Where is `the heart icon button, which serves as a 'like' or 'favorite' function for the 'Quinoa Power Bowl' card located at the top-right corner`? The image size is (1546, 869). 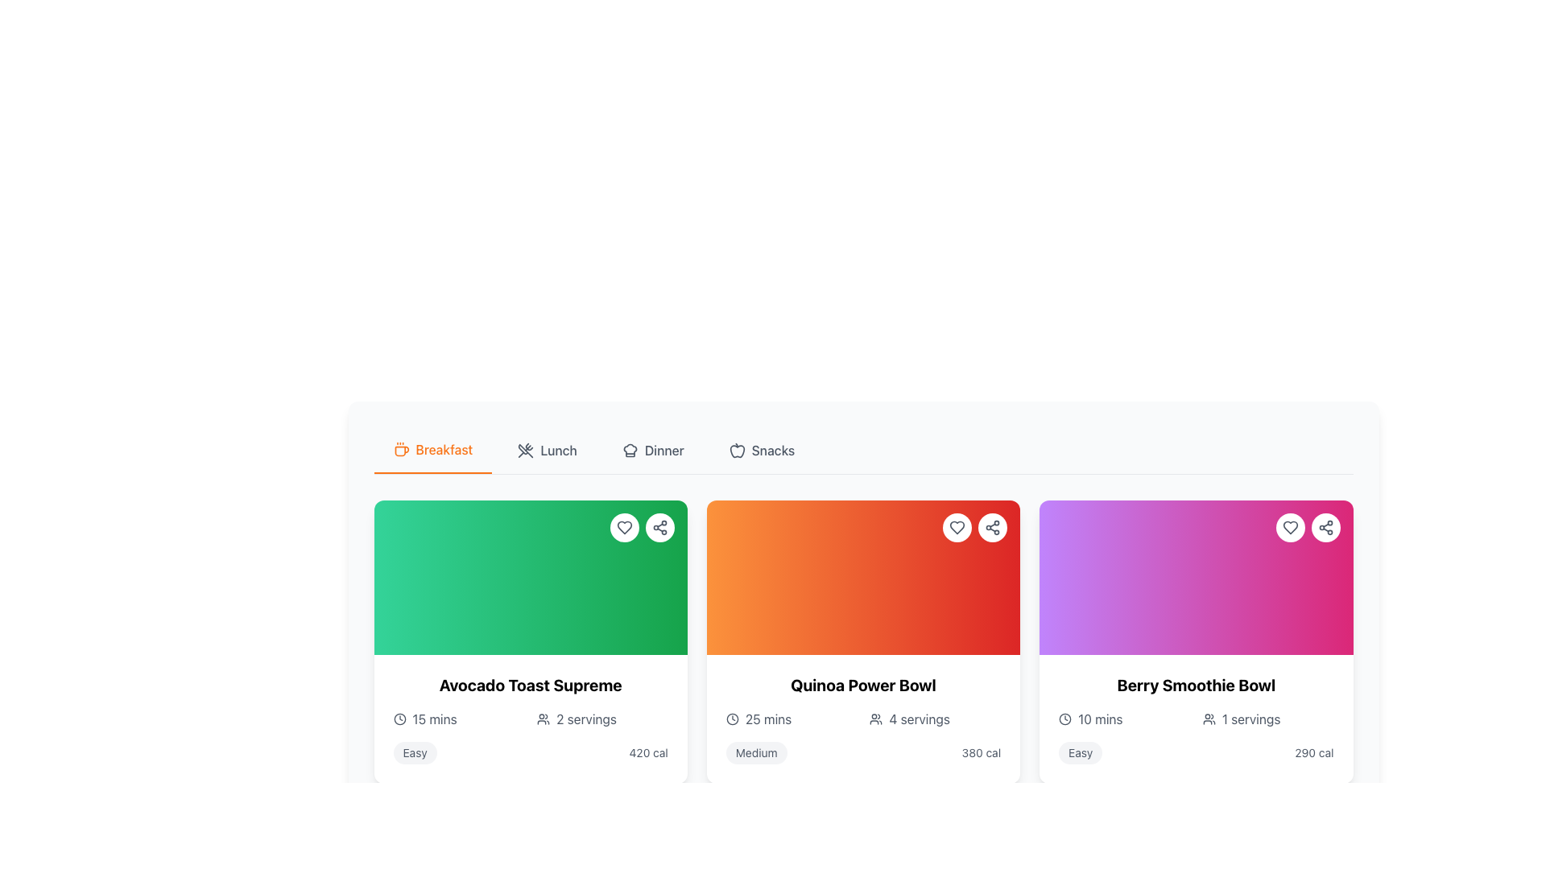 the heart icon button, which serves as a 'like' or 'favorite' function for the 'Quinoa Power Bowl' card located at the top-right corner is located at coordinates (957, 527).